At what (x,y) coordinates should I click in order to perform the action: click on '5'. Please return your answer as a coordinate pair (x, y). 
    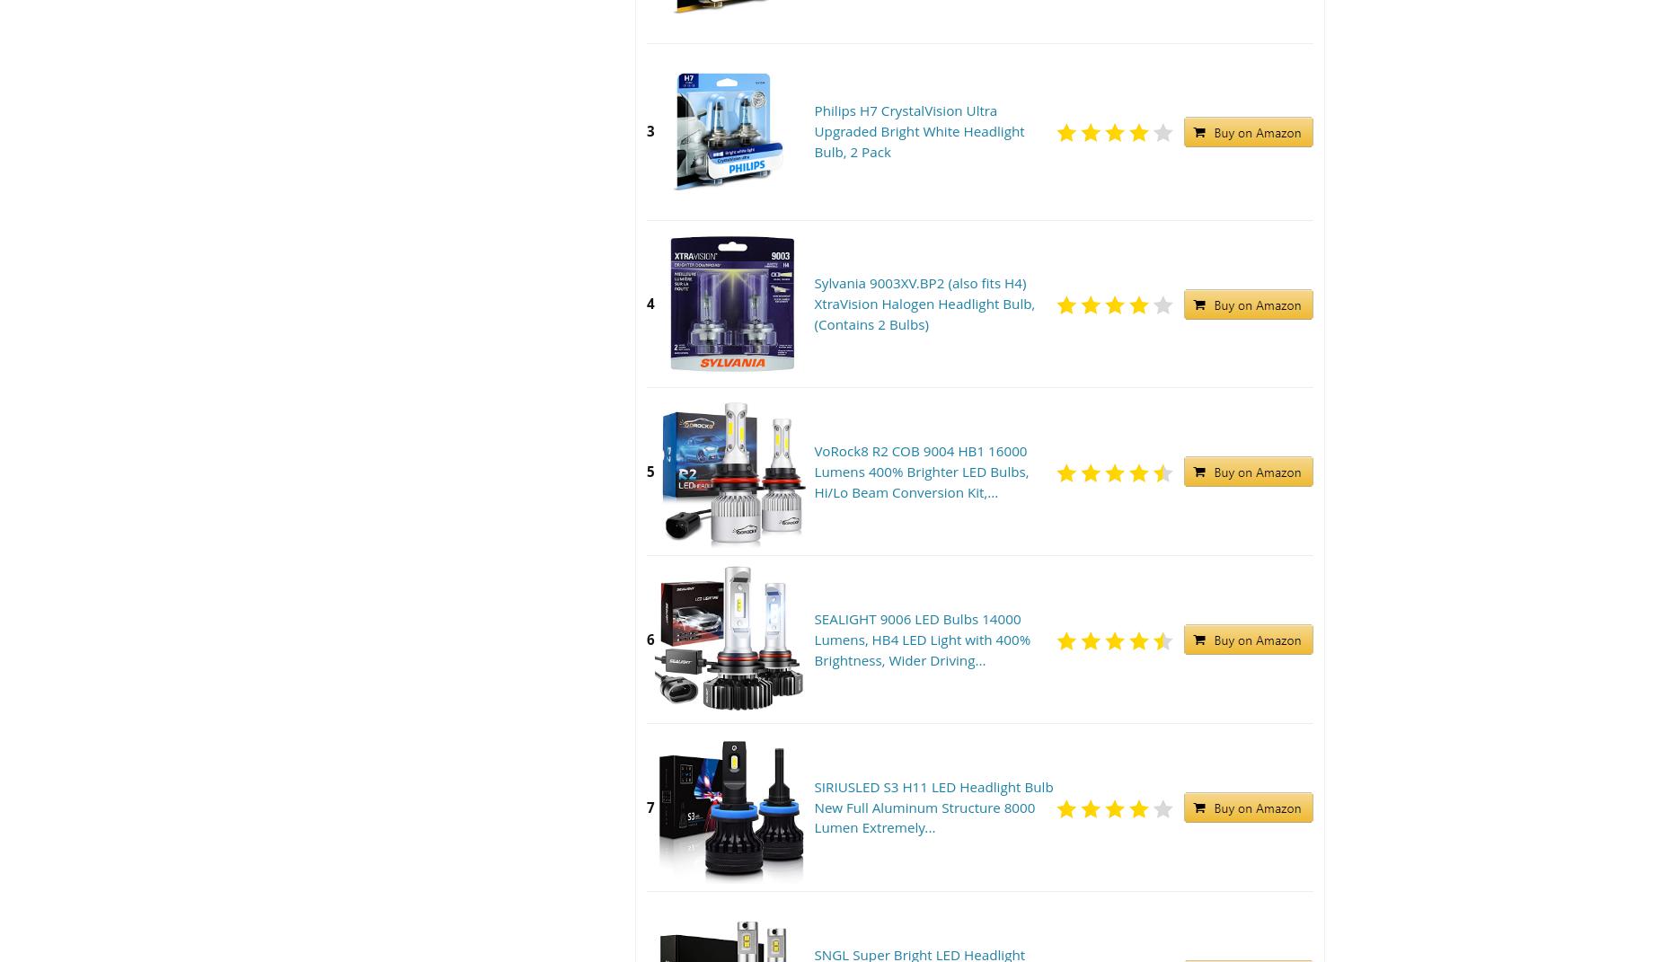
    Looking at the image, I should click on (650, 470).